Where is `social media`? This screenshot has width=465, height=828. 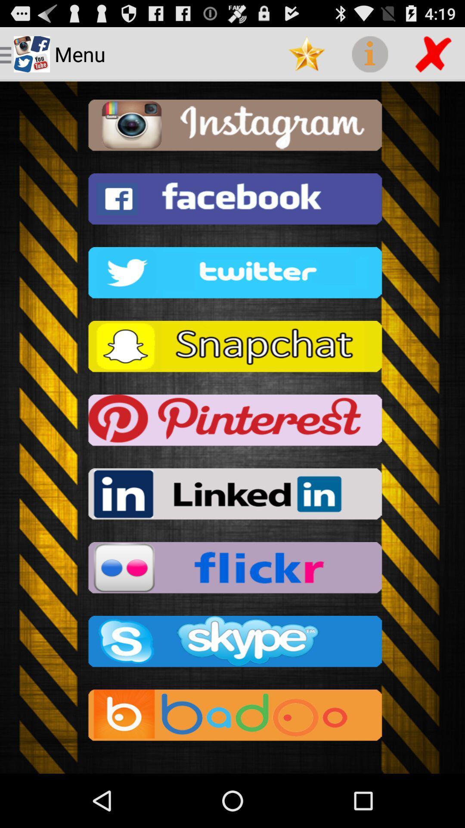 social media is located at coordinates (232, 718).